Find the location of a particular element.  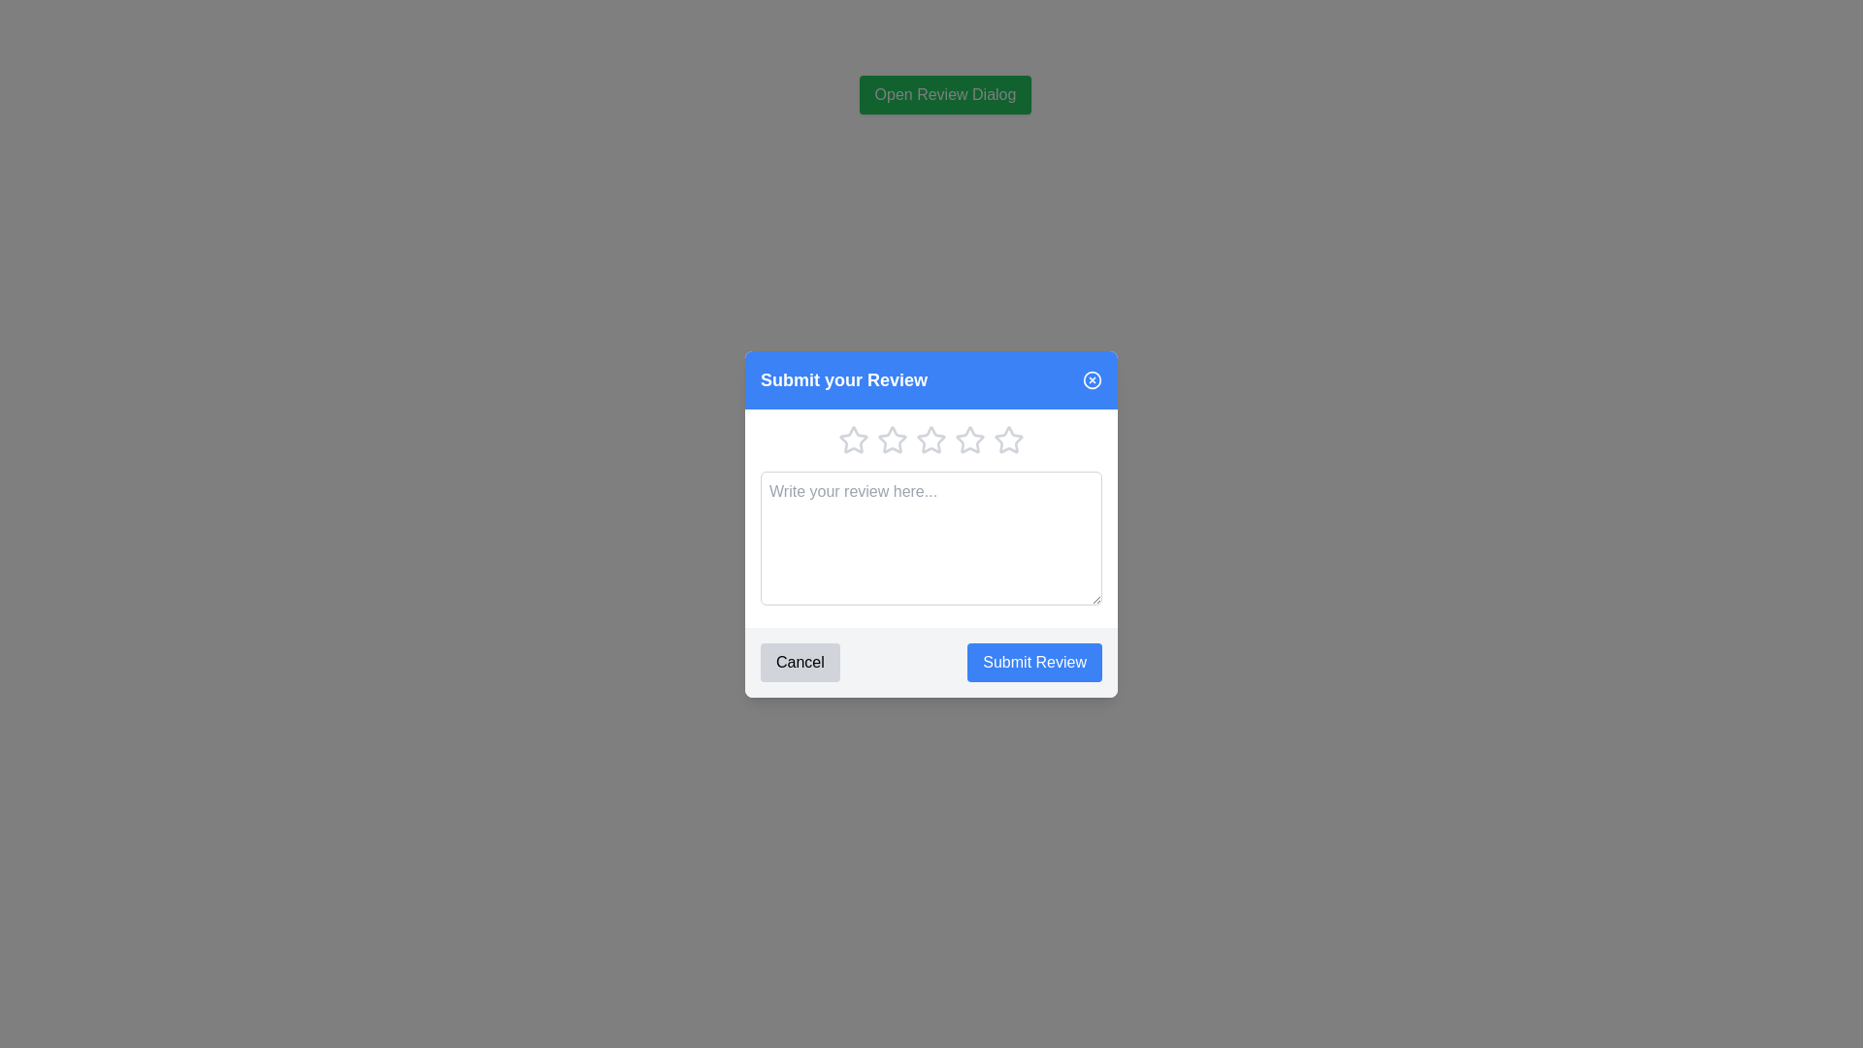

the fourth star in the 'Submit your Review' dialog box is located at coordinates (969, 440).